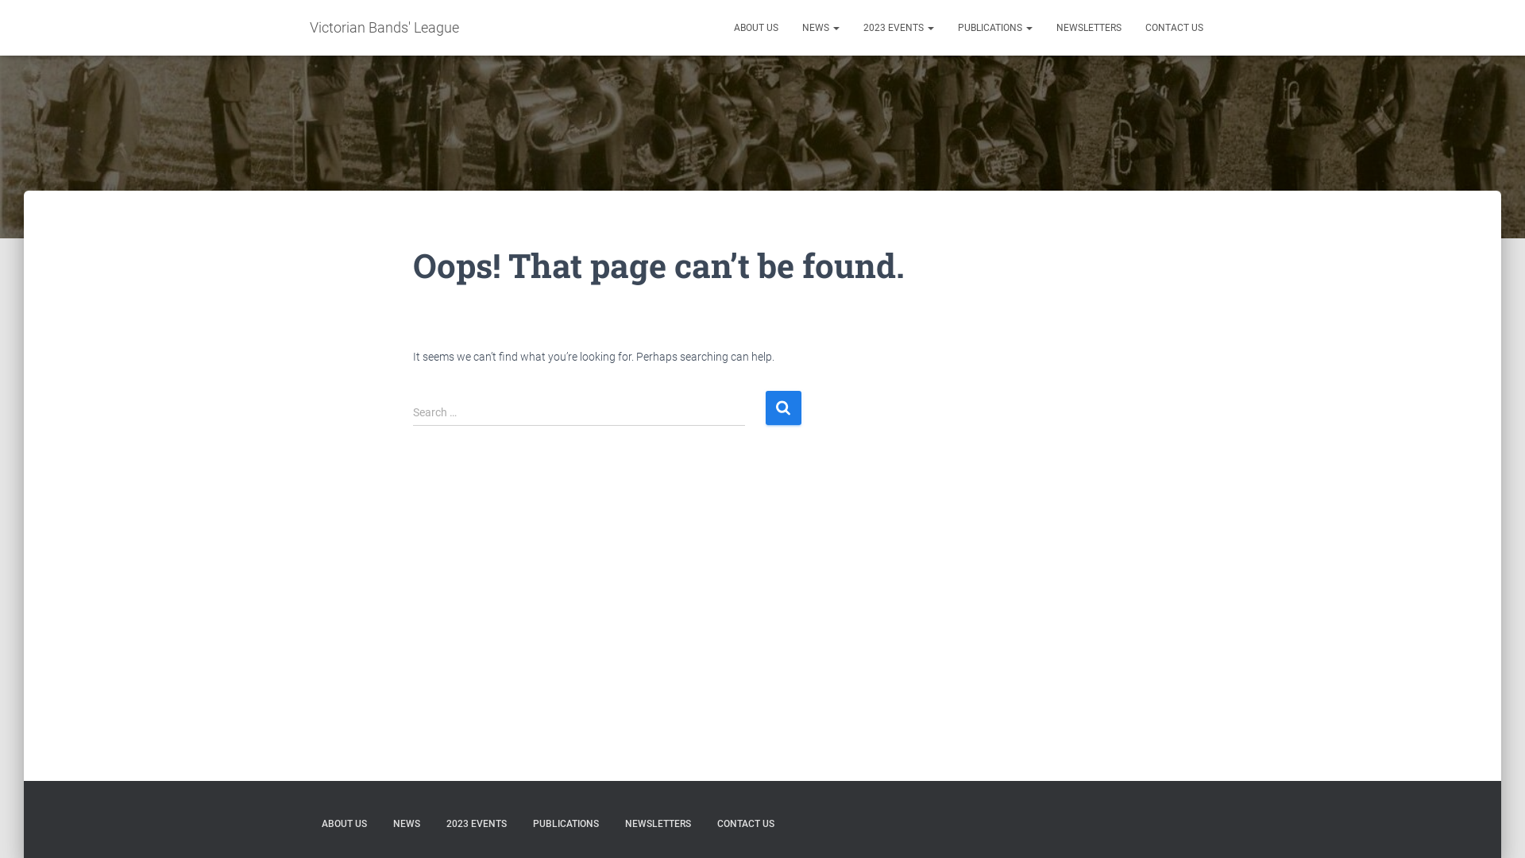 This screenshot has width=1525, height=858. I want to click on 'NEWS', so click(820, 27).